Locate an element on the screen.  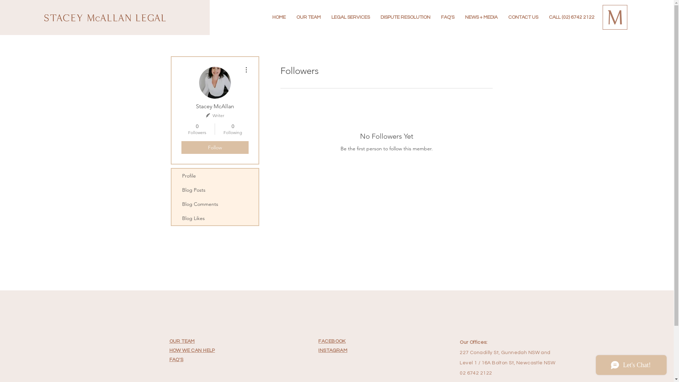
'Follow' is located at coordinates (214, 147).